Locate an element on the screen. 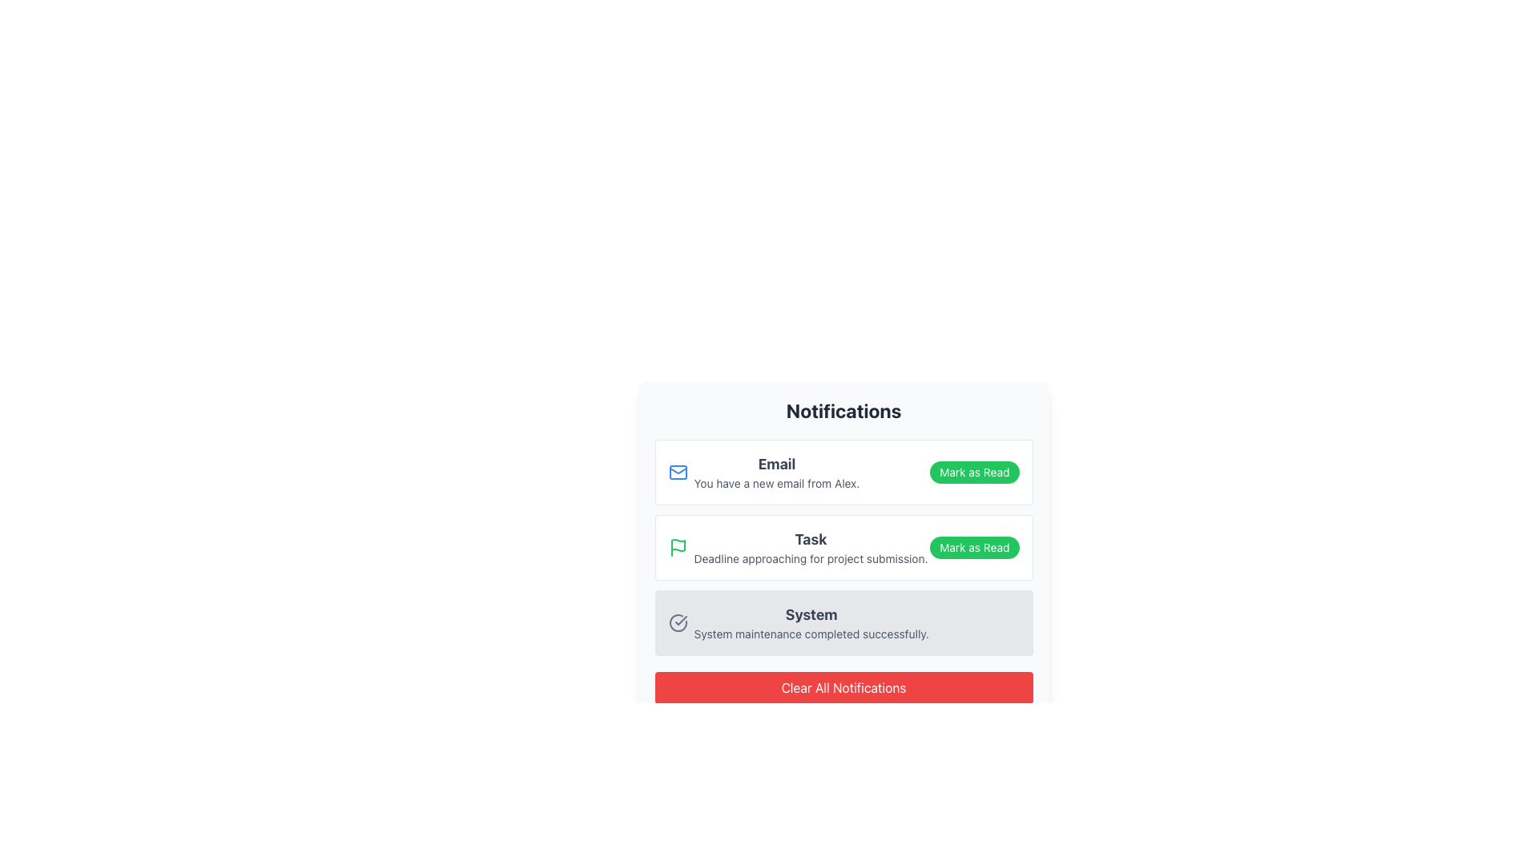 The image size is (1538, 865). the second notification card in the 'Notifications' section to read the information displayed about the approaching deadline for a task is located at coordinates (843, 546).